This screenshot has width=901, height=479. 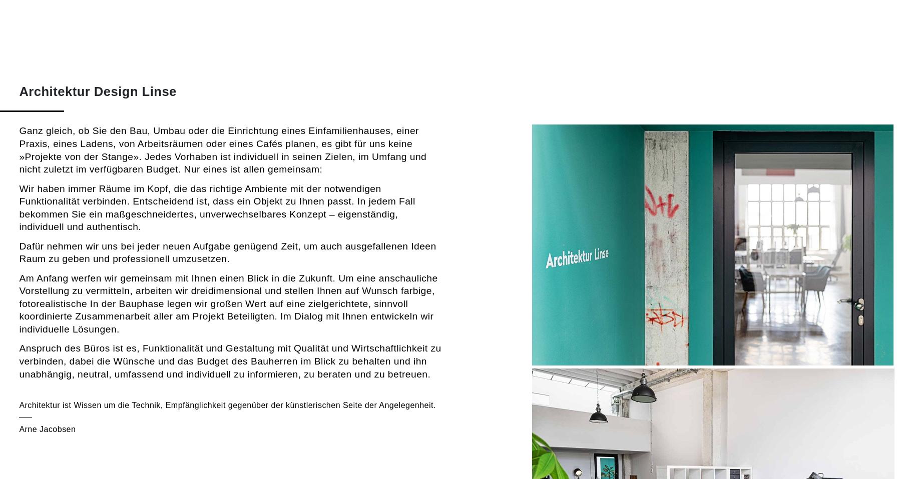 I want to click on 'Um- und Ausbau eines Waschhaus- und Stallgebäudes zu barrierefreiem Wohnraum (Privater Auftraggeber)', so click(x=18, y=353).